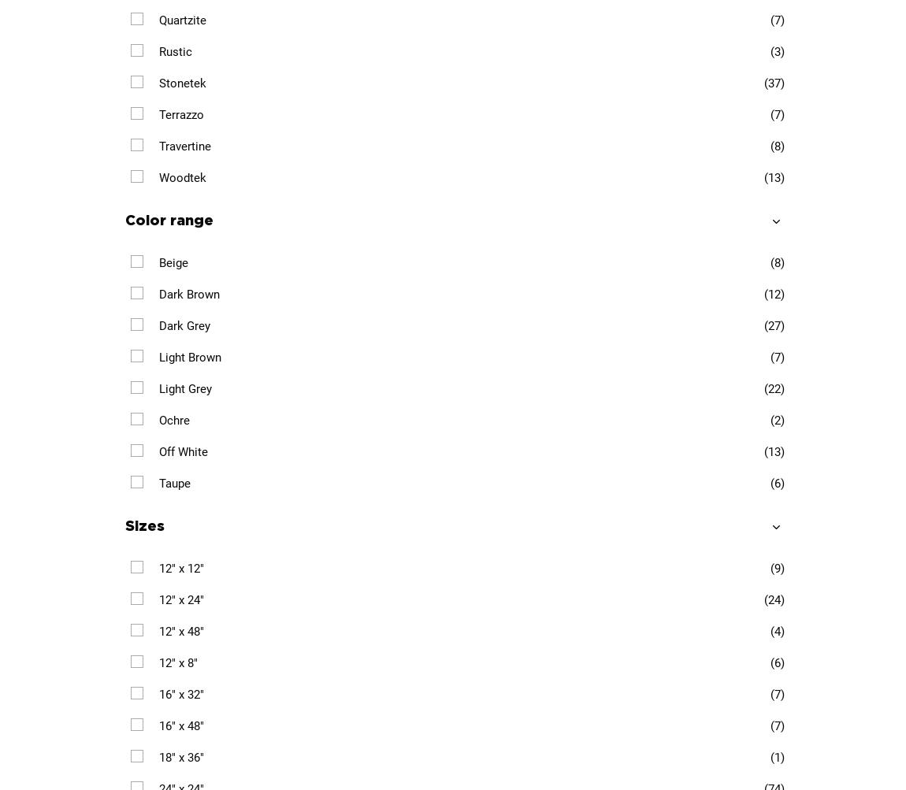  I want to click on '(1)', so click(778, 755).